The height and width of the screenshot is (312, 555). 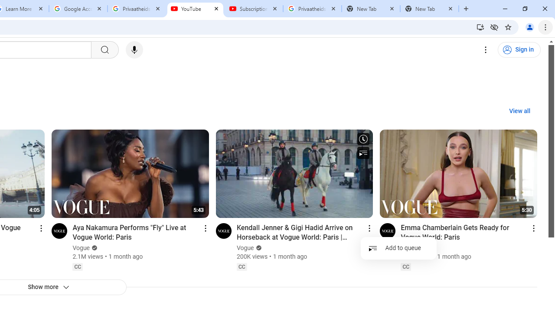 What do you see at coordinates (519, 111) in the screenshot?
I see `'View all'` at bounding box center [519, 111].